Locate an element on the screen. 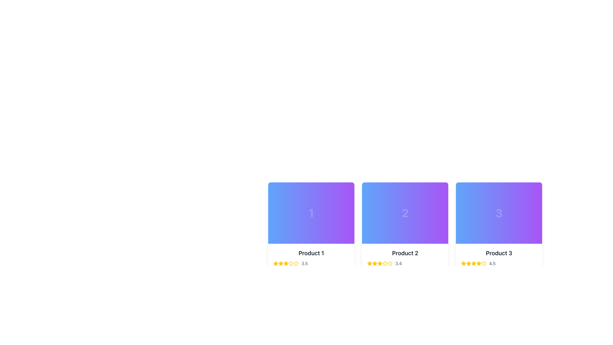 The width and height of the screenshot is (613, 345). text content of the Text label that presents the product title, located at the bottom of the first product card, directly below the number '1' and above the '3.5' star rating indicator is located at coordinates (311, 253).